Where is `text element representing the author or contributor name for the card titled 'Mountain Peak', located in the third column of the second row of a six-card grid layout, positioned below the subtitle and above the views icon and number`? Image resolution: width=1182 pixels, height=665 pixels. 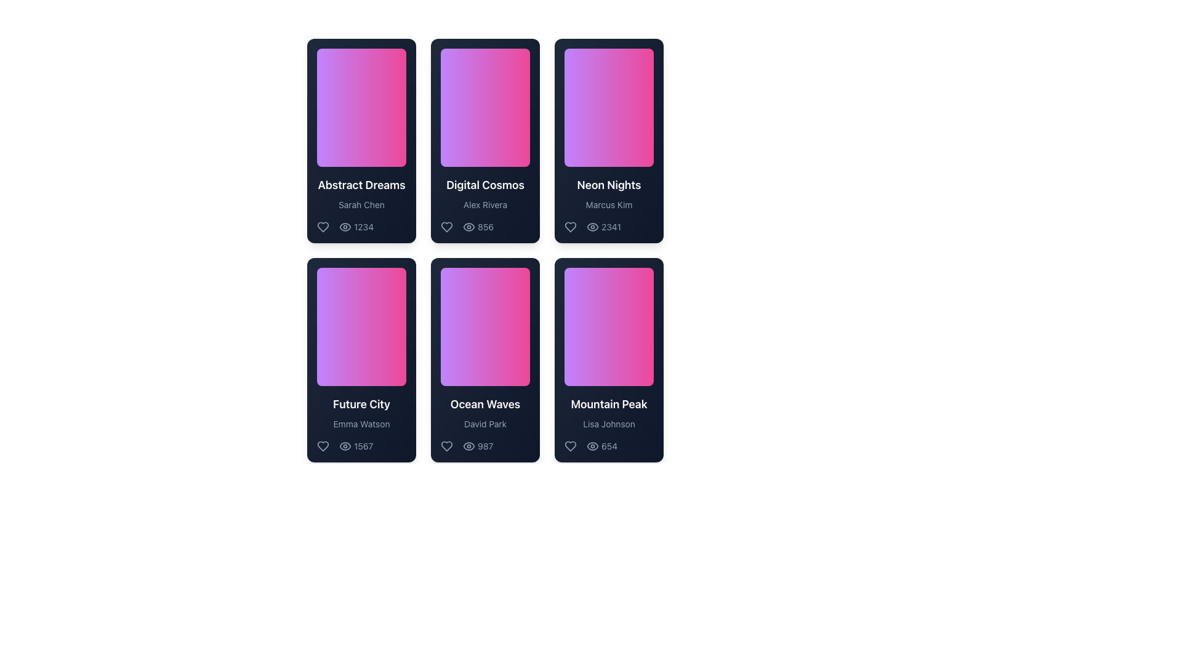
text element representing the author or contributor name for the card titled 'Mountain Peak', located in the third column of the second row of a six-card grid layout, positioned below the subtitle and above the views icon and number is located at coordinates (609, 424).